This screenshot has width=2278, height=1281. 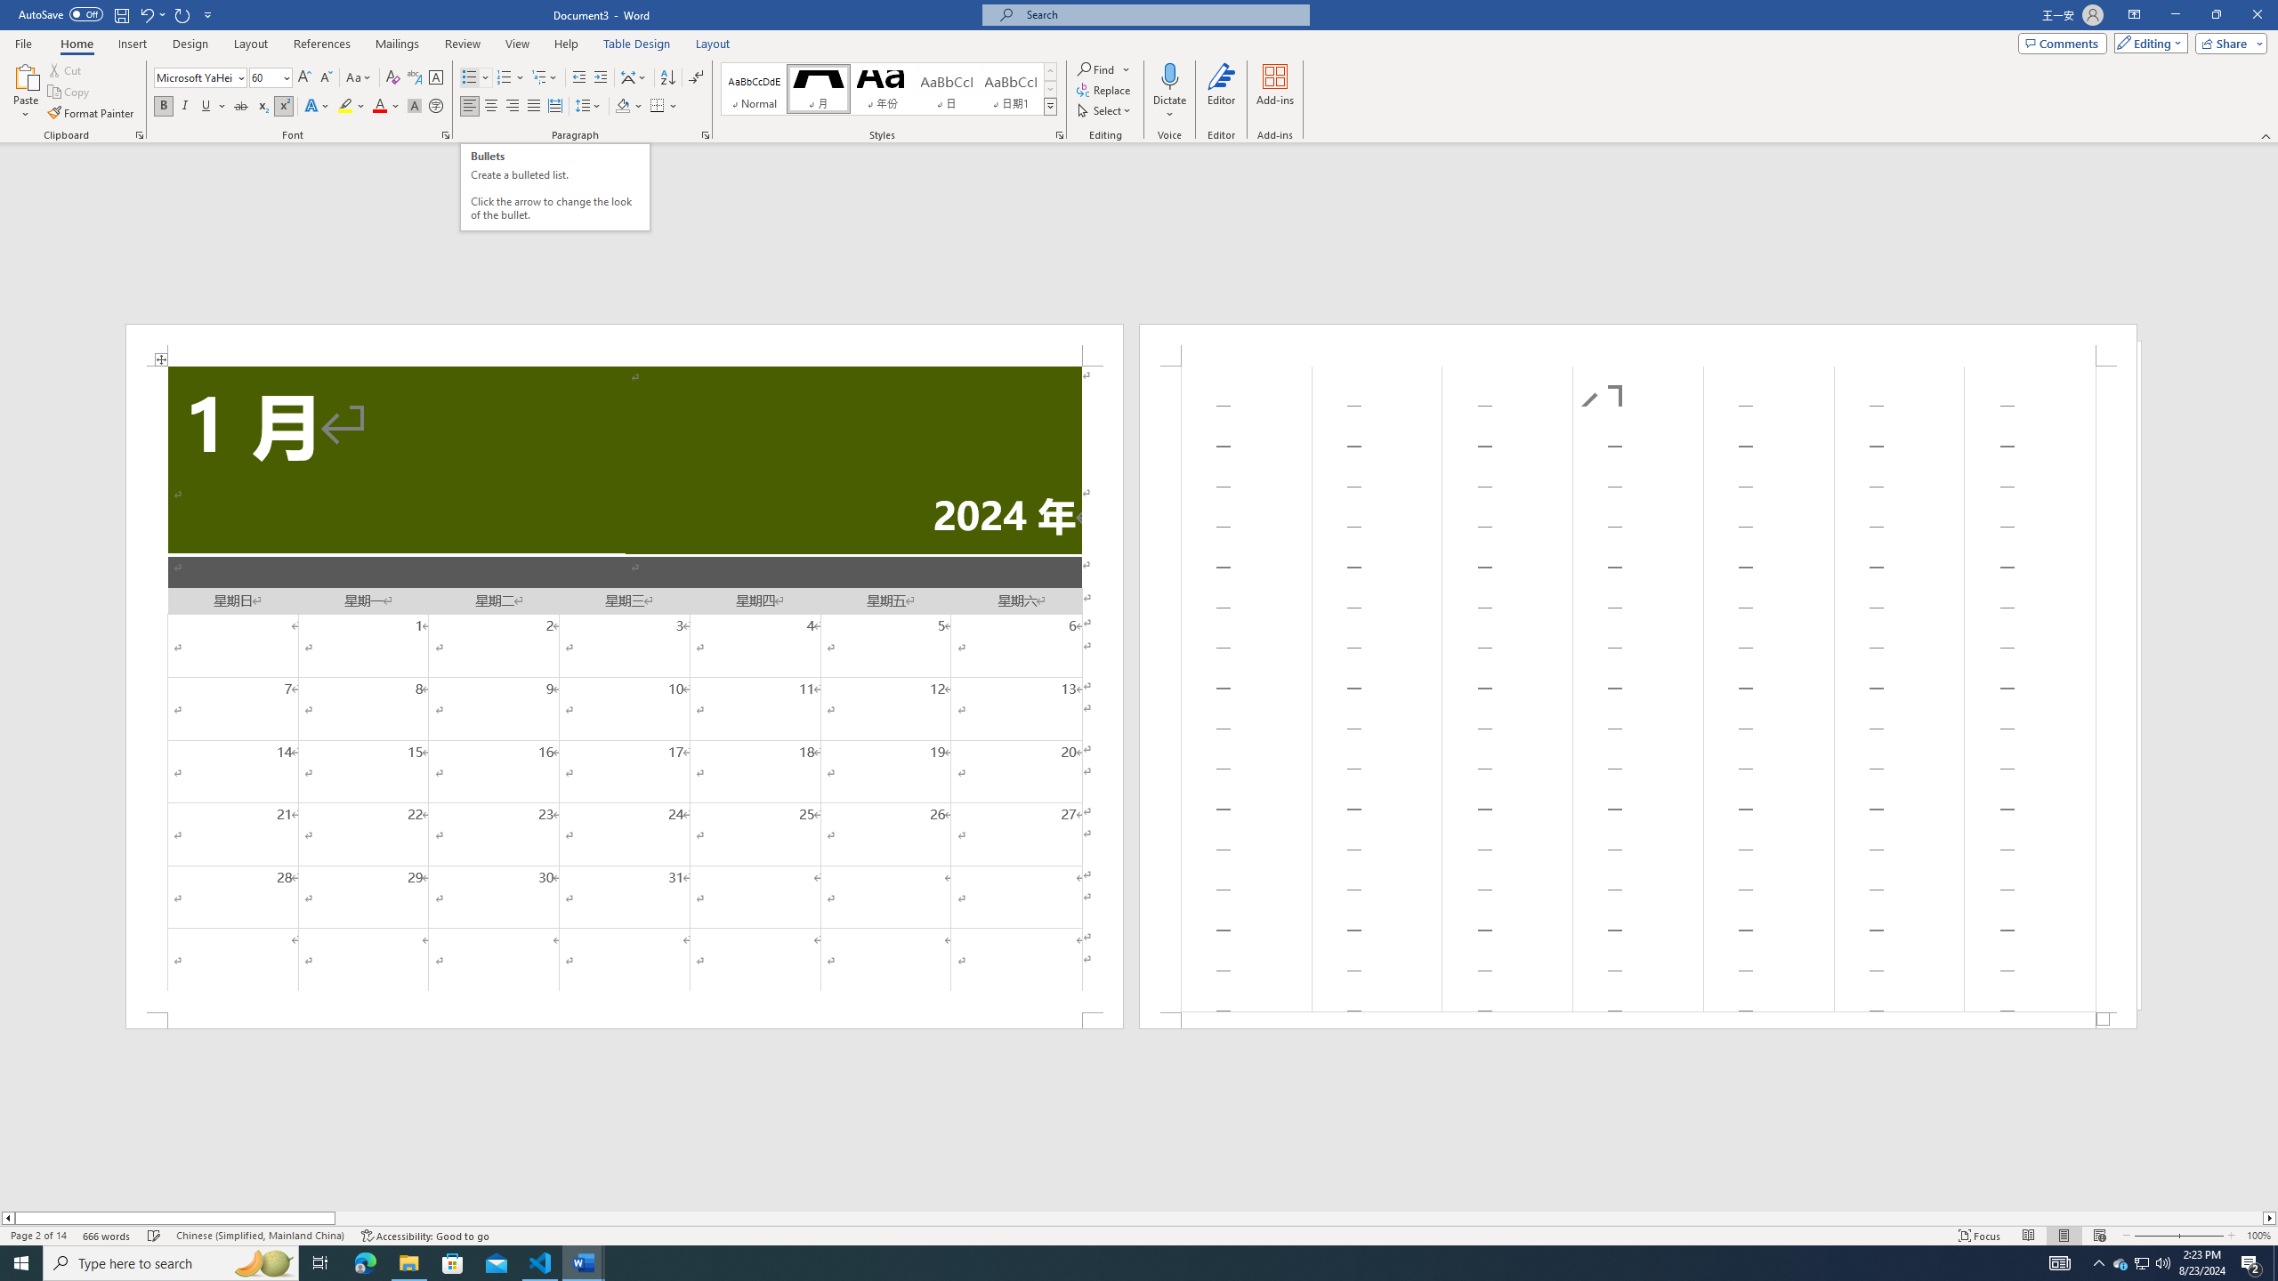 I want to click on 'Styles...', so click(x=1059, y=133).